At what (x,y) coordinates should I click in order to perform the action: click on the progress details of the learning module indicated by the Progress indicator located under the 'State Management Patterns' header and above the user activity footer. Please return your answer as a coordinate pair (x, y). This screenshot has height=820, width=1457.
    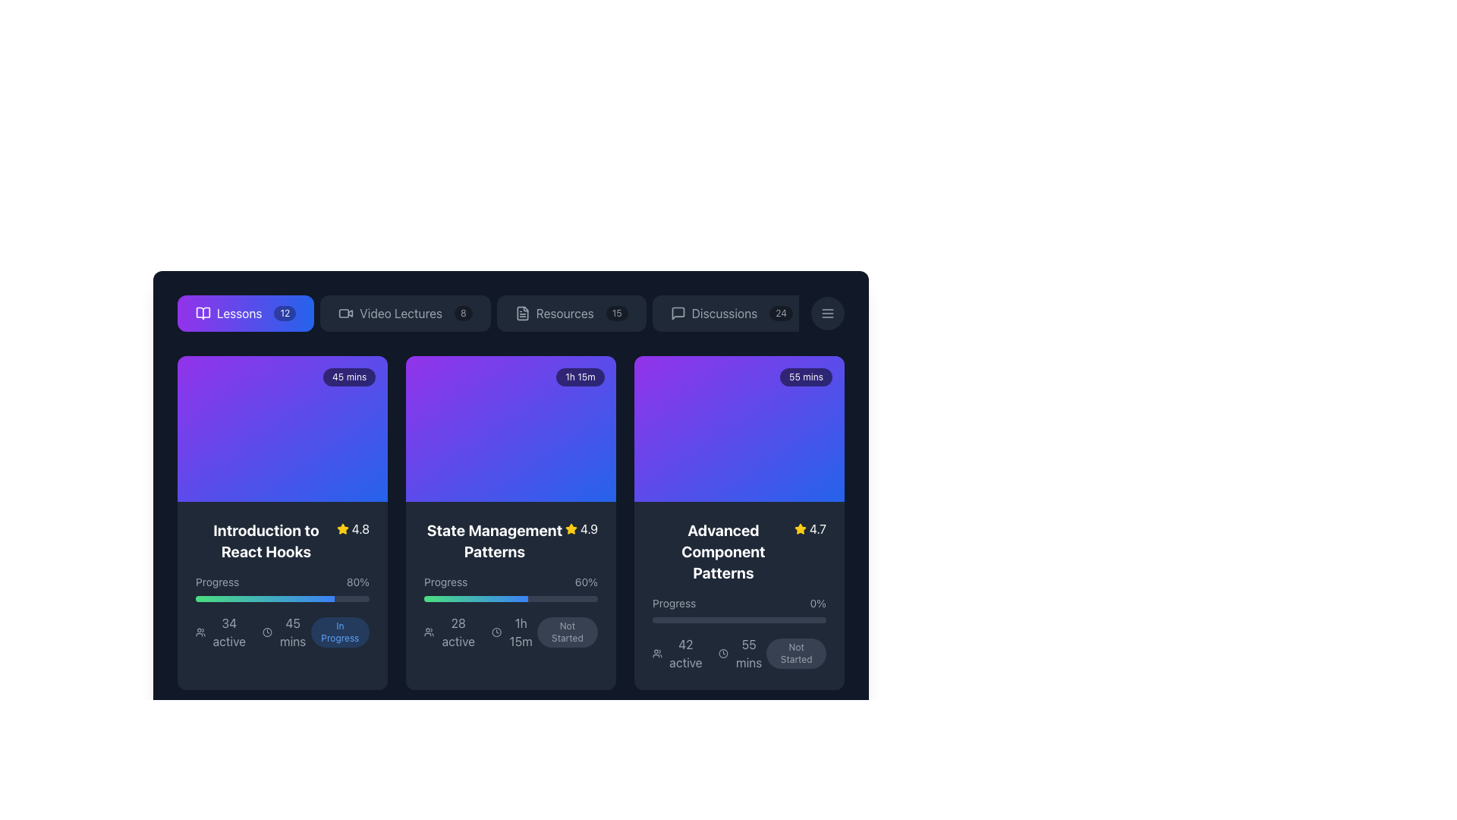
    Looking at the image, I should click on (511, 611).